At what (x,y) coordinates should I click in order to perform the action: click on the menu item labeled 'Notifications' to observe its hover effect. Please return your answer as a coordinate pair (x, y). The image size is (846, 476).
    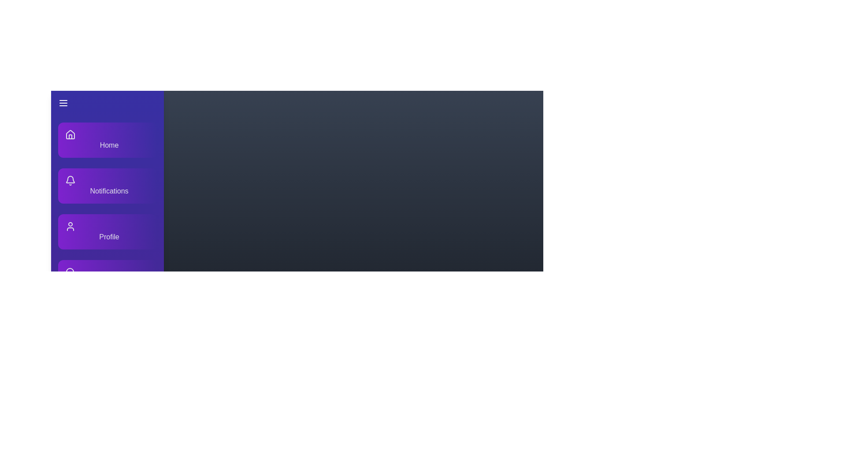
    Looking at the image, I should click on (107, 185).